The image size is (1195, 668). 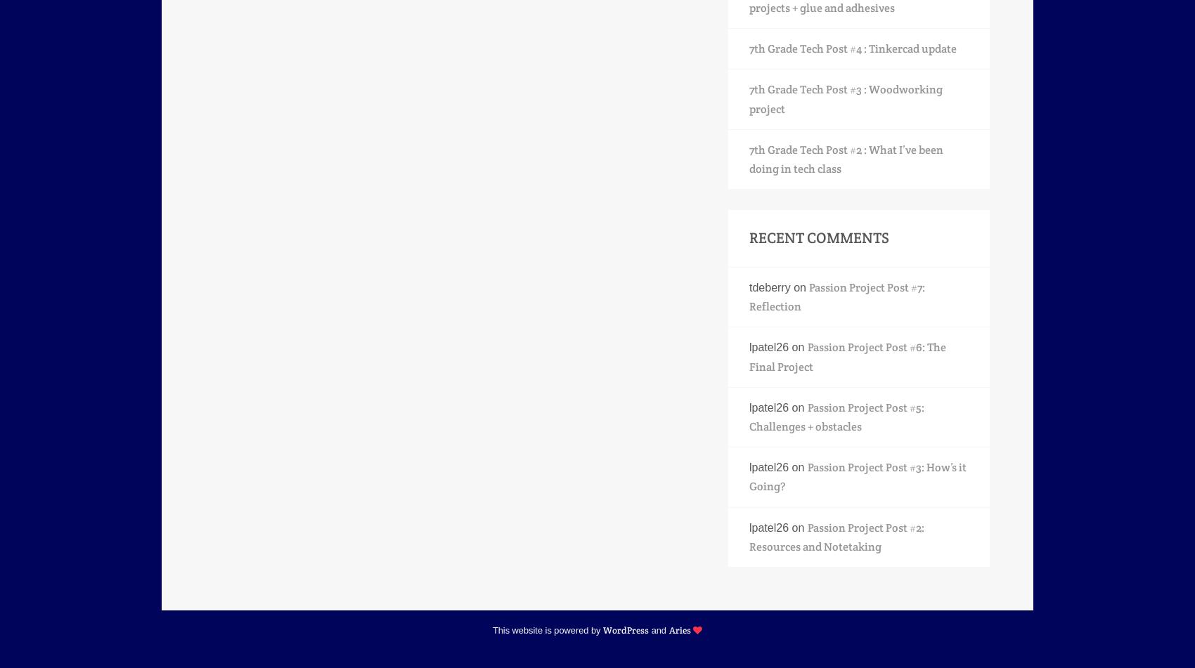 I want to click on 'Passion Project Post #5: Challenges + obstacles', so click(x=836, y=416).